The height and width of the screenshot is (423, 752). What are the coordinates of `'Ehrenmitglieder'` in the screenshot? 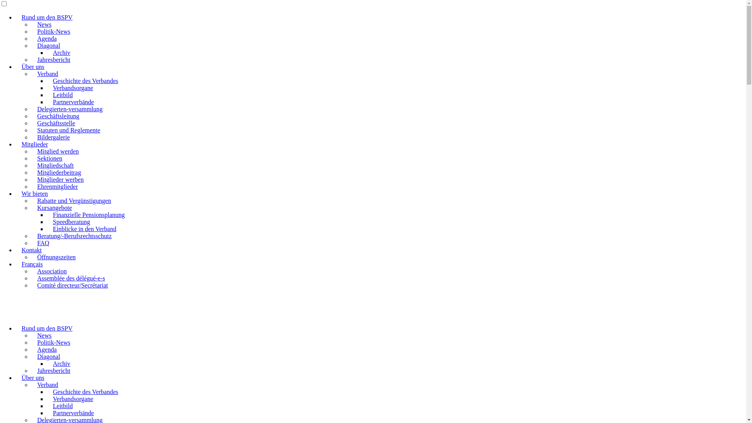 It's located at (31, 186).